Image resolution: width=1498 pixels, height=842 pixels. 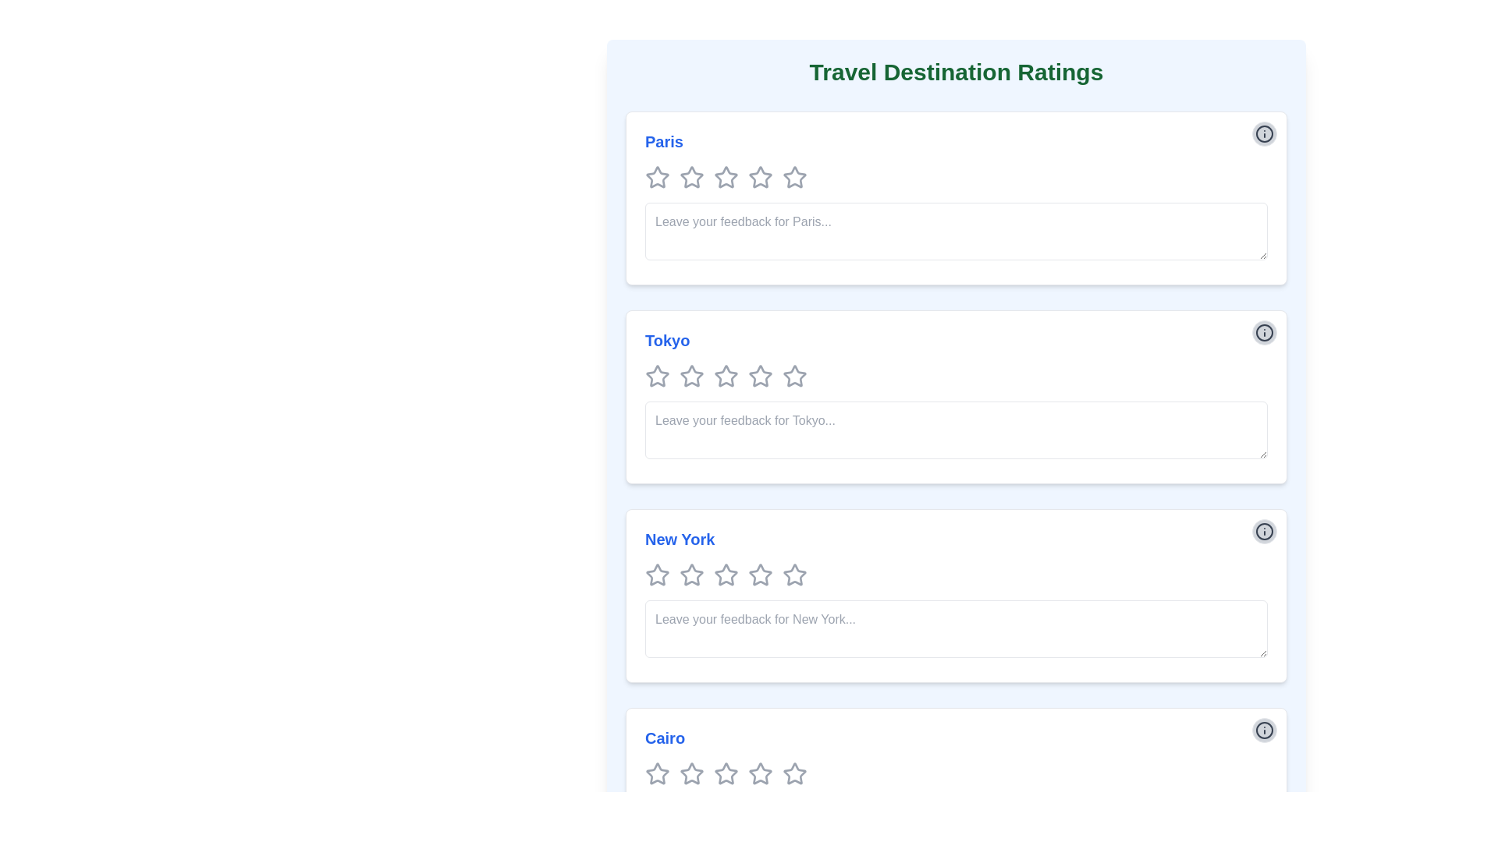 What do you see at coordinates (726, 376) in the screenshot?
I see `the second star in the rating system for 'Tokyo' to set a rating of 2` at bounding box center [726, 376].